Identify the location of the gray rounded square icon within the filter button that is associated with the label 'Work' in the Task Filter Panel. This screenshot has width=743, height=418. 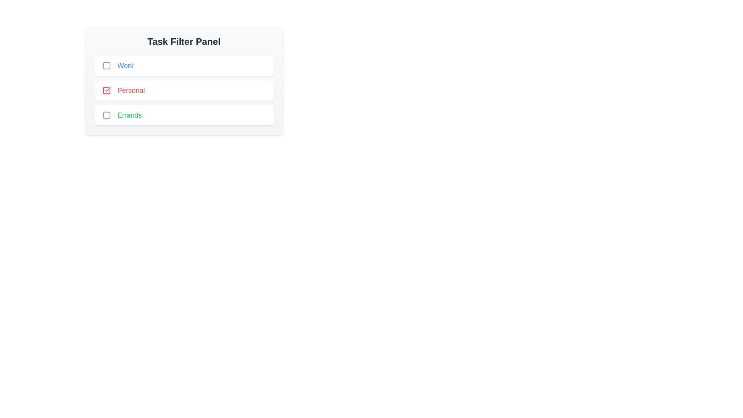
(106, 65).